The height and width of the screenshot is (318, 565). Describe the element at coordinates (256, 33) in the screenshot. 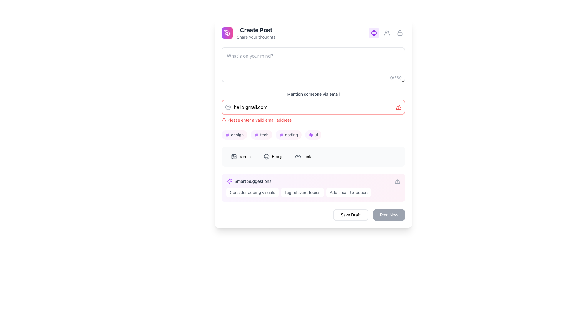

I see `the 'Create Post' header label that consists of the text 'Create Post' in bold and 'Share your thoughts' below it, located in the top-left corner of the interface` at that location.